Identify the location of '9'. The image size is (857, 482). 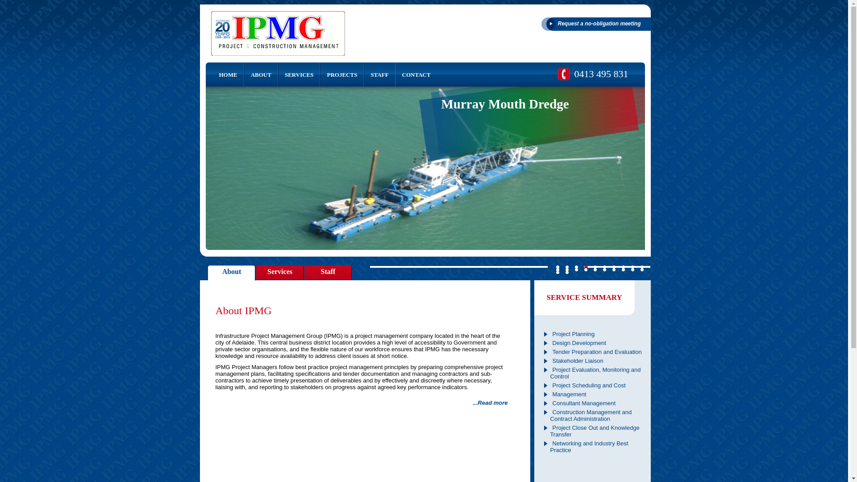
(632, 266).